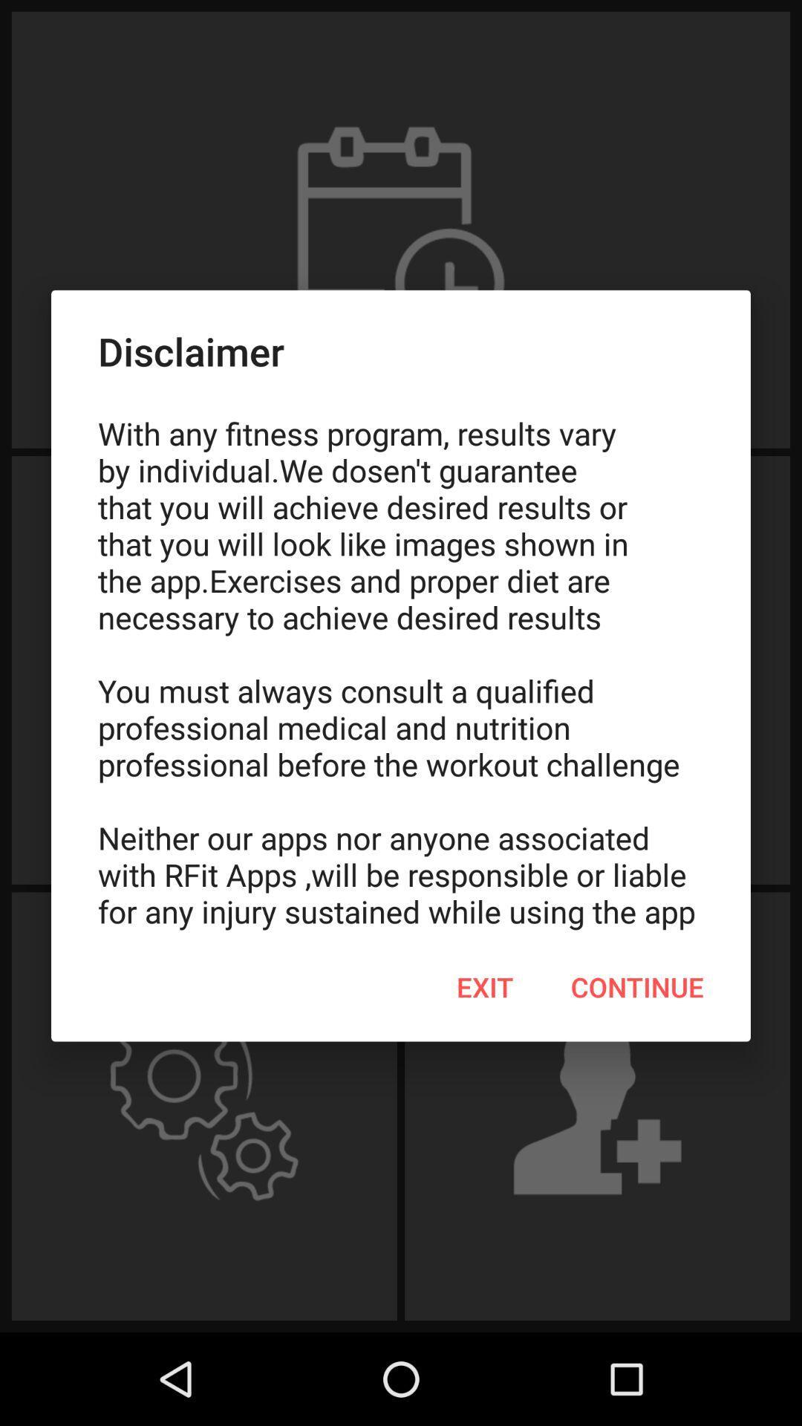 The image size is (802, 1426). What do you see at coordinates (636, 987) in the screenshot?
I see `the icon next to exit item` at bounding box center [636, 987].